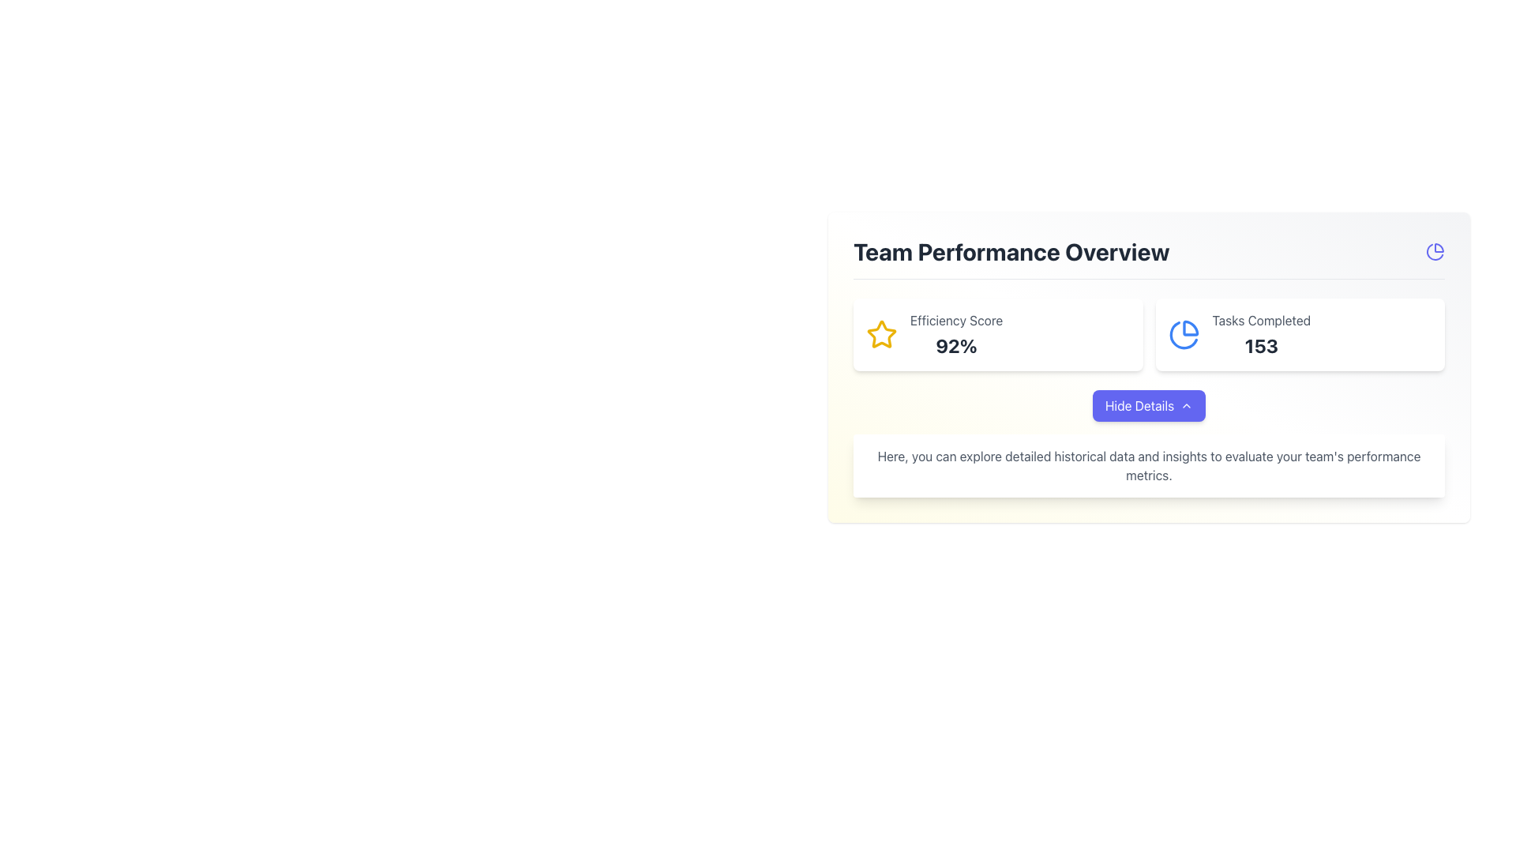  Describe the element at coordinates (1260, 334) in the screenshot. I see `the text label displaying the numeric value '153' beneath the label 'Tasks Completed', which is located in the right section of a two-card layout` at that location.